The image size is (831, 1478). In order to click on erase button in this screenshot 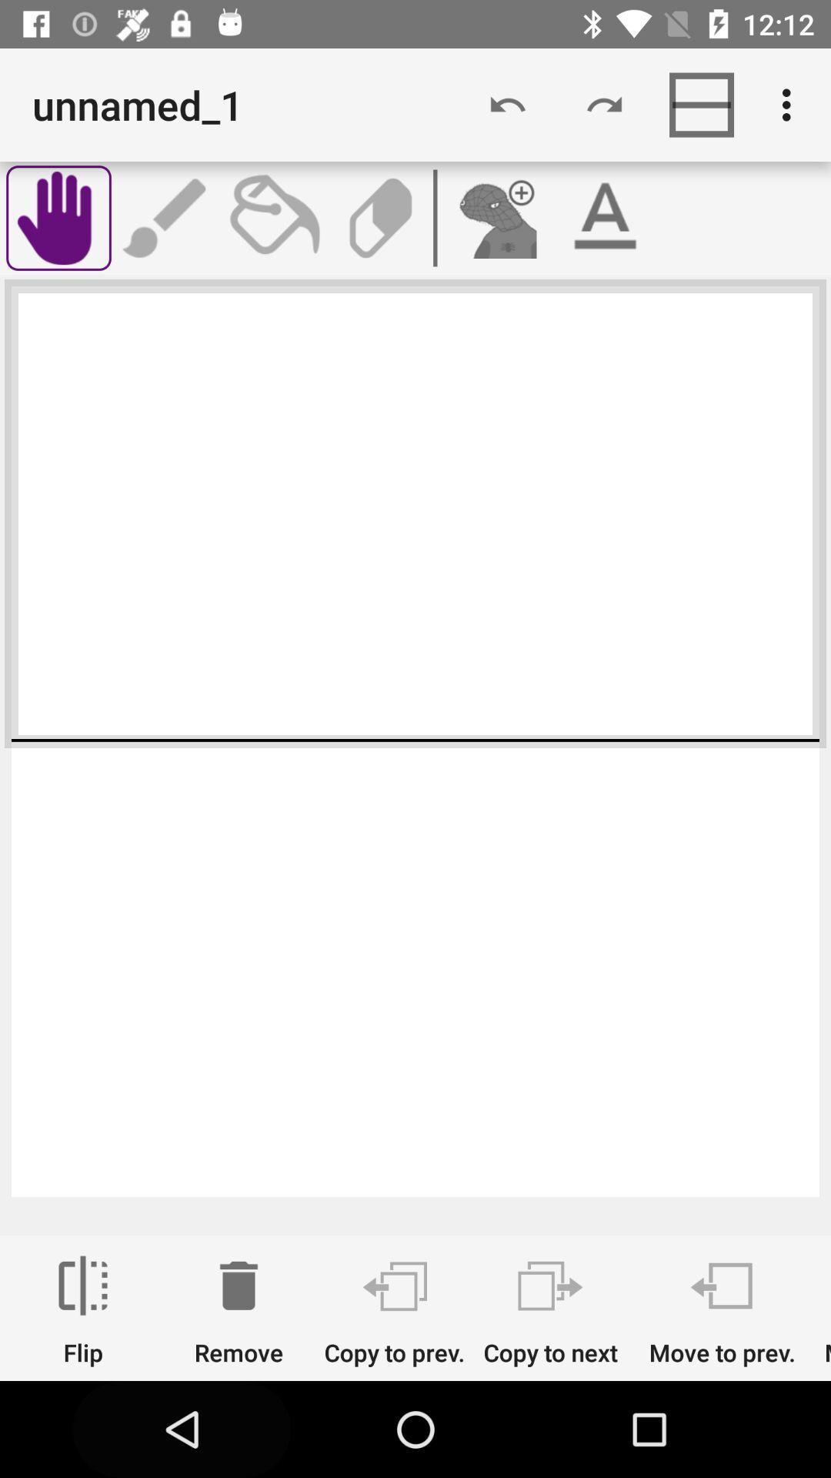, I will do `click(380, 217)`.